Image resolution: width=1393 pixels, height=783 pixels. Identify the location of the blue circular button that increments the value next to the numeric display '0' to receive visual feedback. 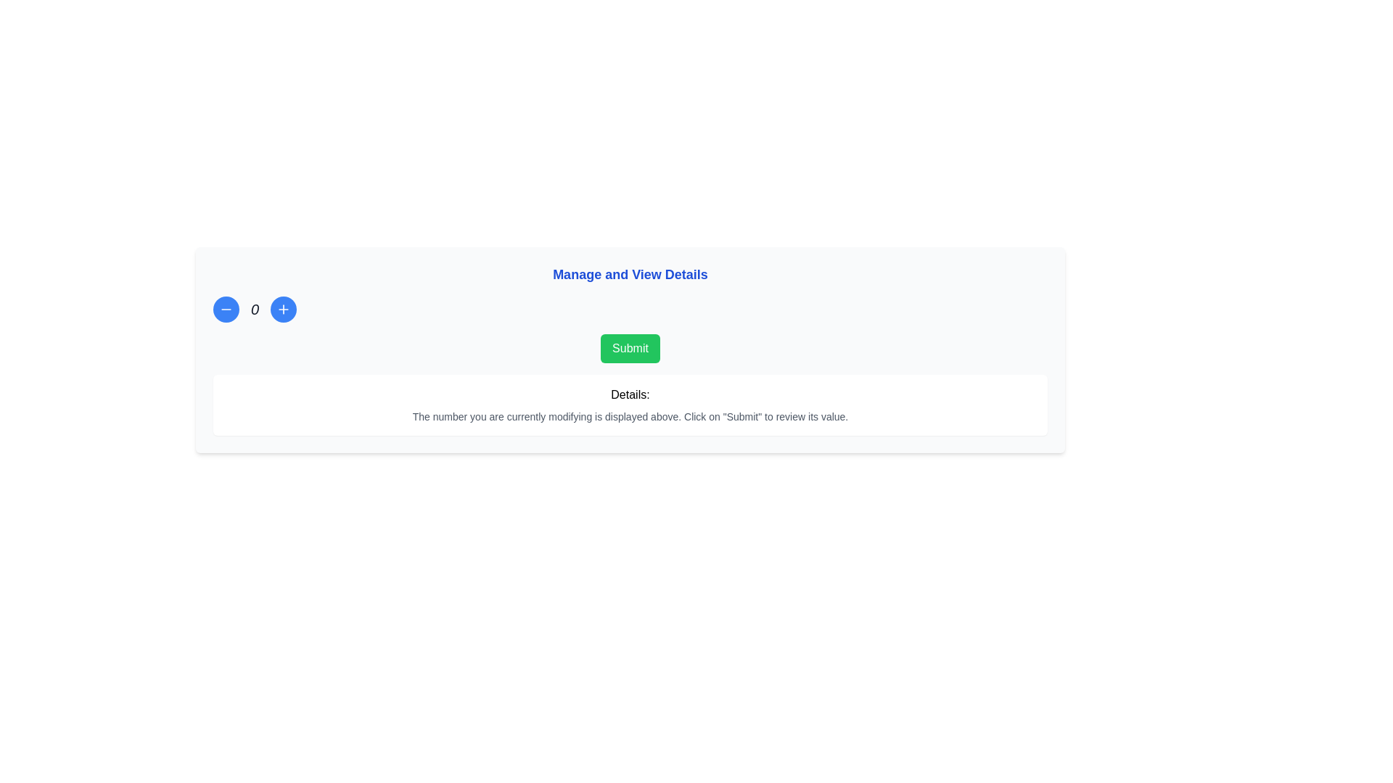
(284, 309).